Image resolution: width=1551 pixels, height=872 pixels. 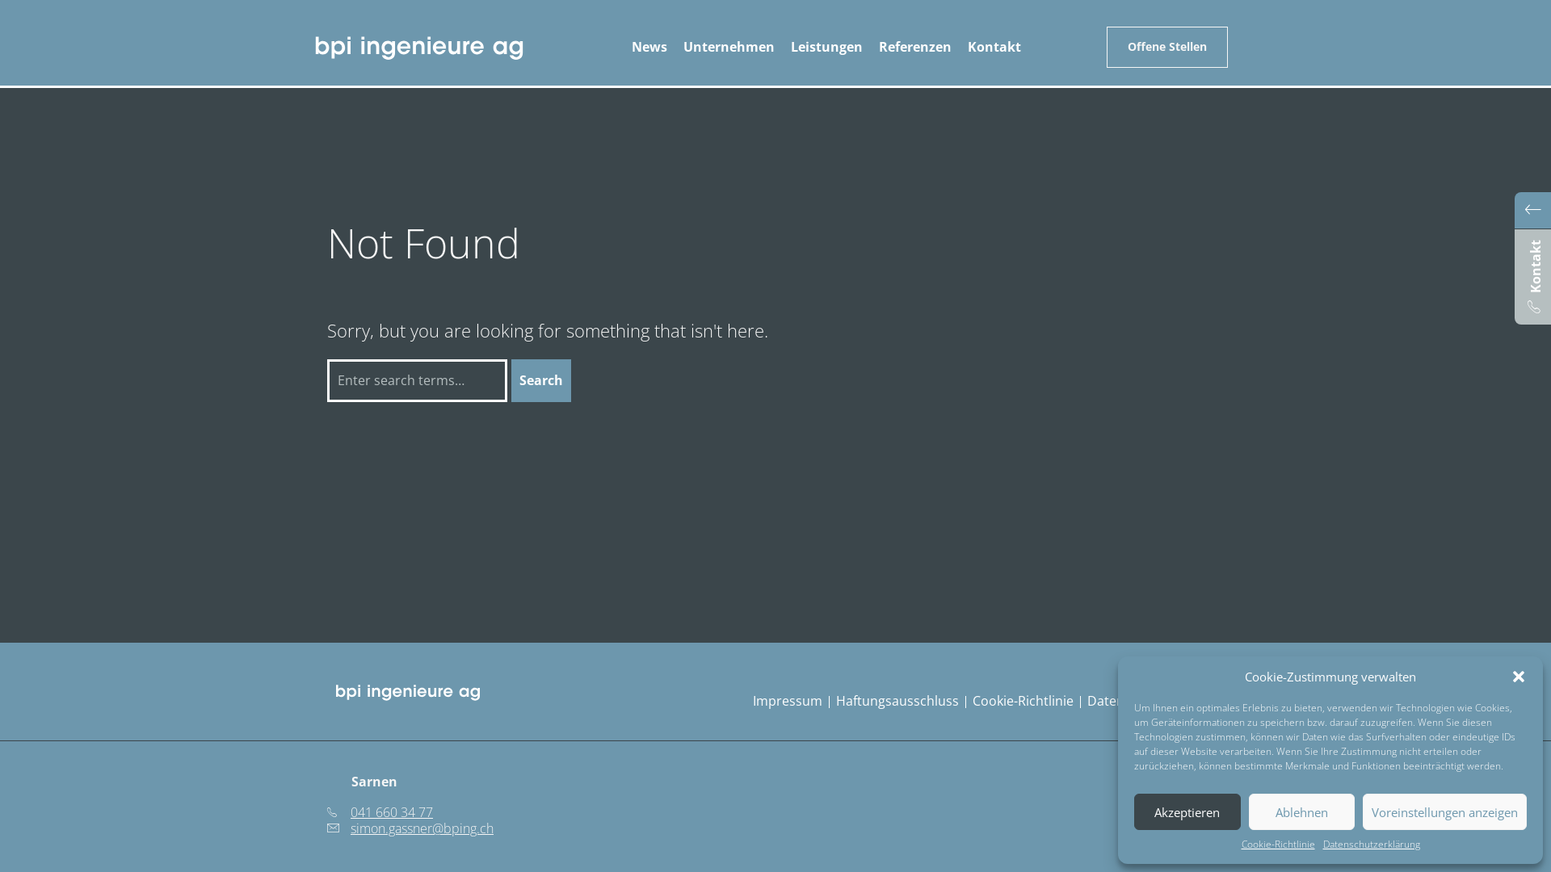 What do you see at coordinates (1302, 811) in the screenshot?
I see `'Ablehnen'` at bounding box center [1302, 811].